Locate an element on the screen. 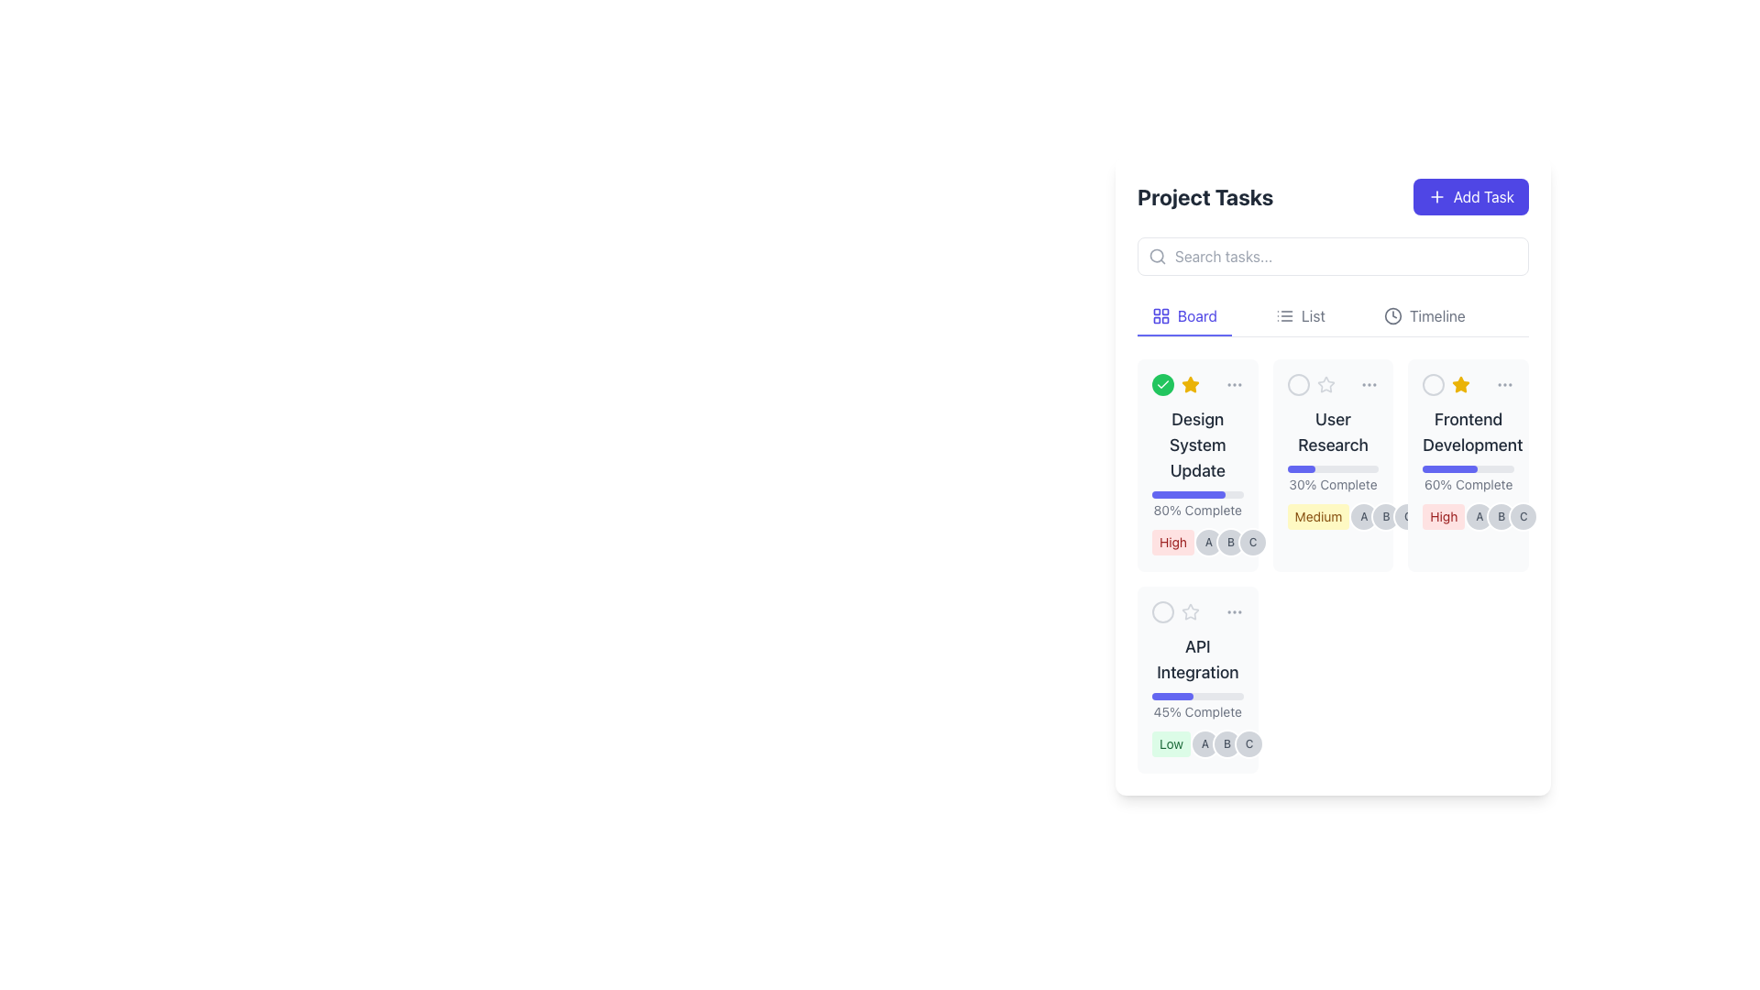  the progress is located at coordinates (1447, 468).